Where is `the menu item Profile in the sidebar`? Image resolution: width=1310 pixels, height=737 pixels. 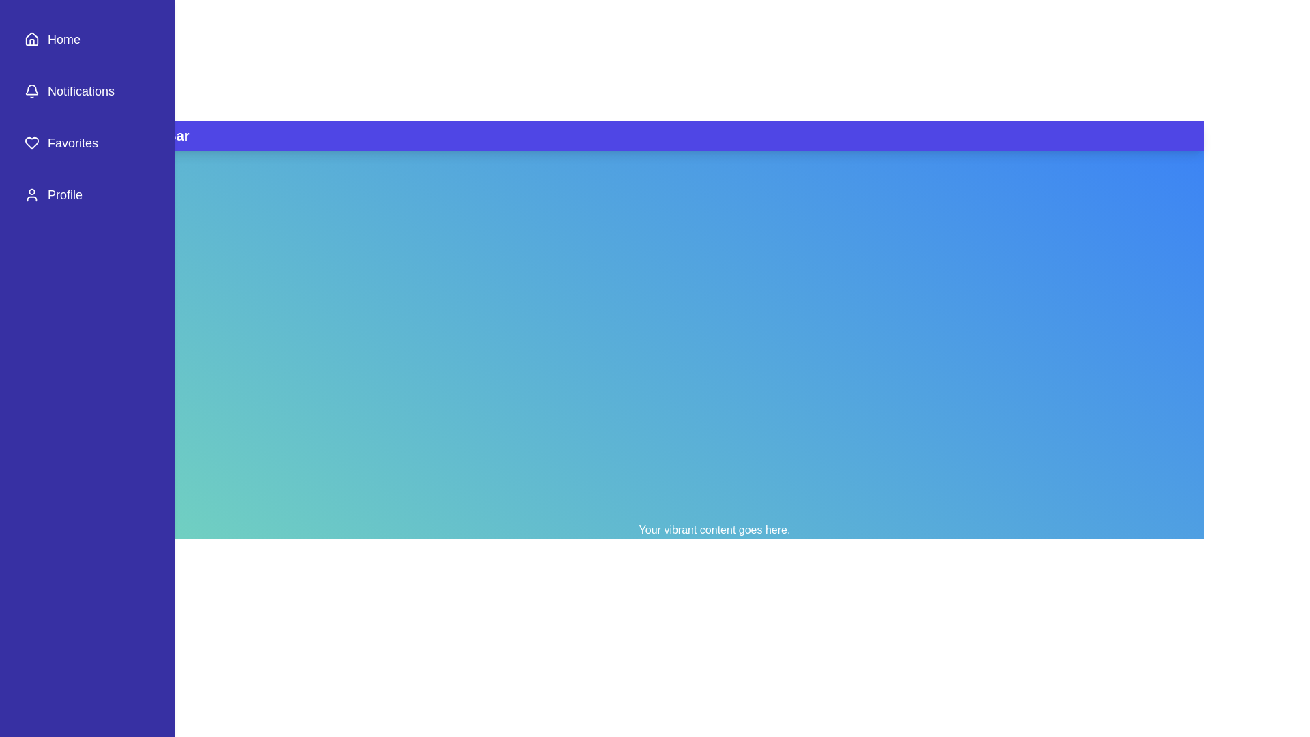 the menu item Profile in the sidebar is located at coordinates (87, 194).